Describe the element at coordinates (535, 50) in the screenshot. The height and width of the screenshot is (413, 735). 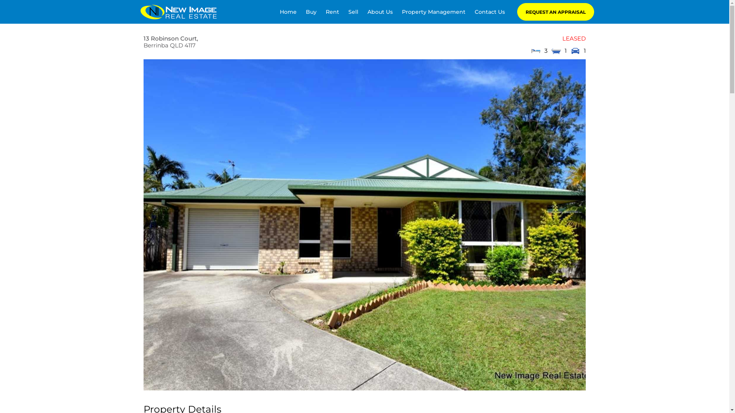
I see `'Bedrooms'` at that location.